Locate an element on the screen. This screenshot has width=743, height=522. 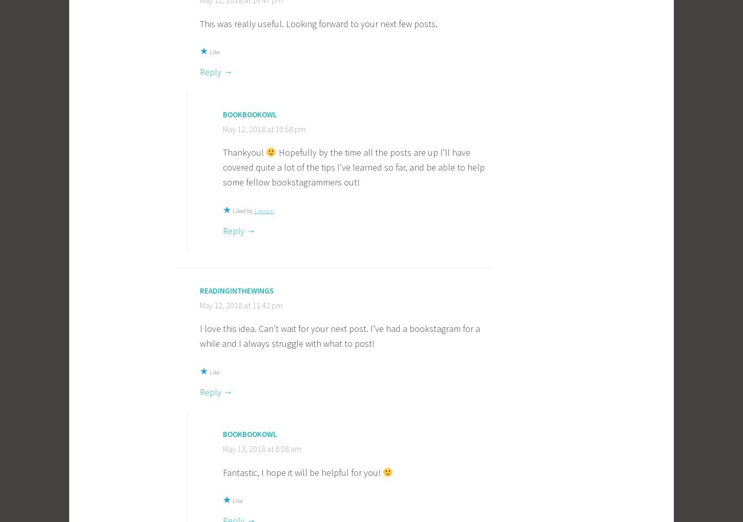
'I love this idea.  Can’t wait for your next post.  I’ve had a bookstagram for a while and I always struggle with what to post!' is located at coordinates (339, 336).